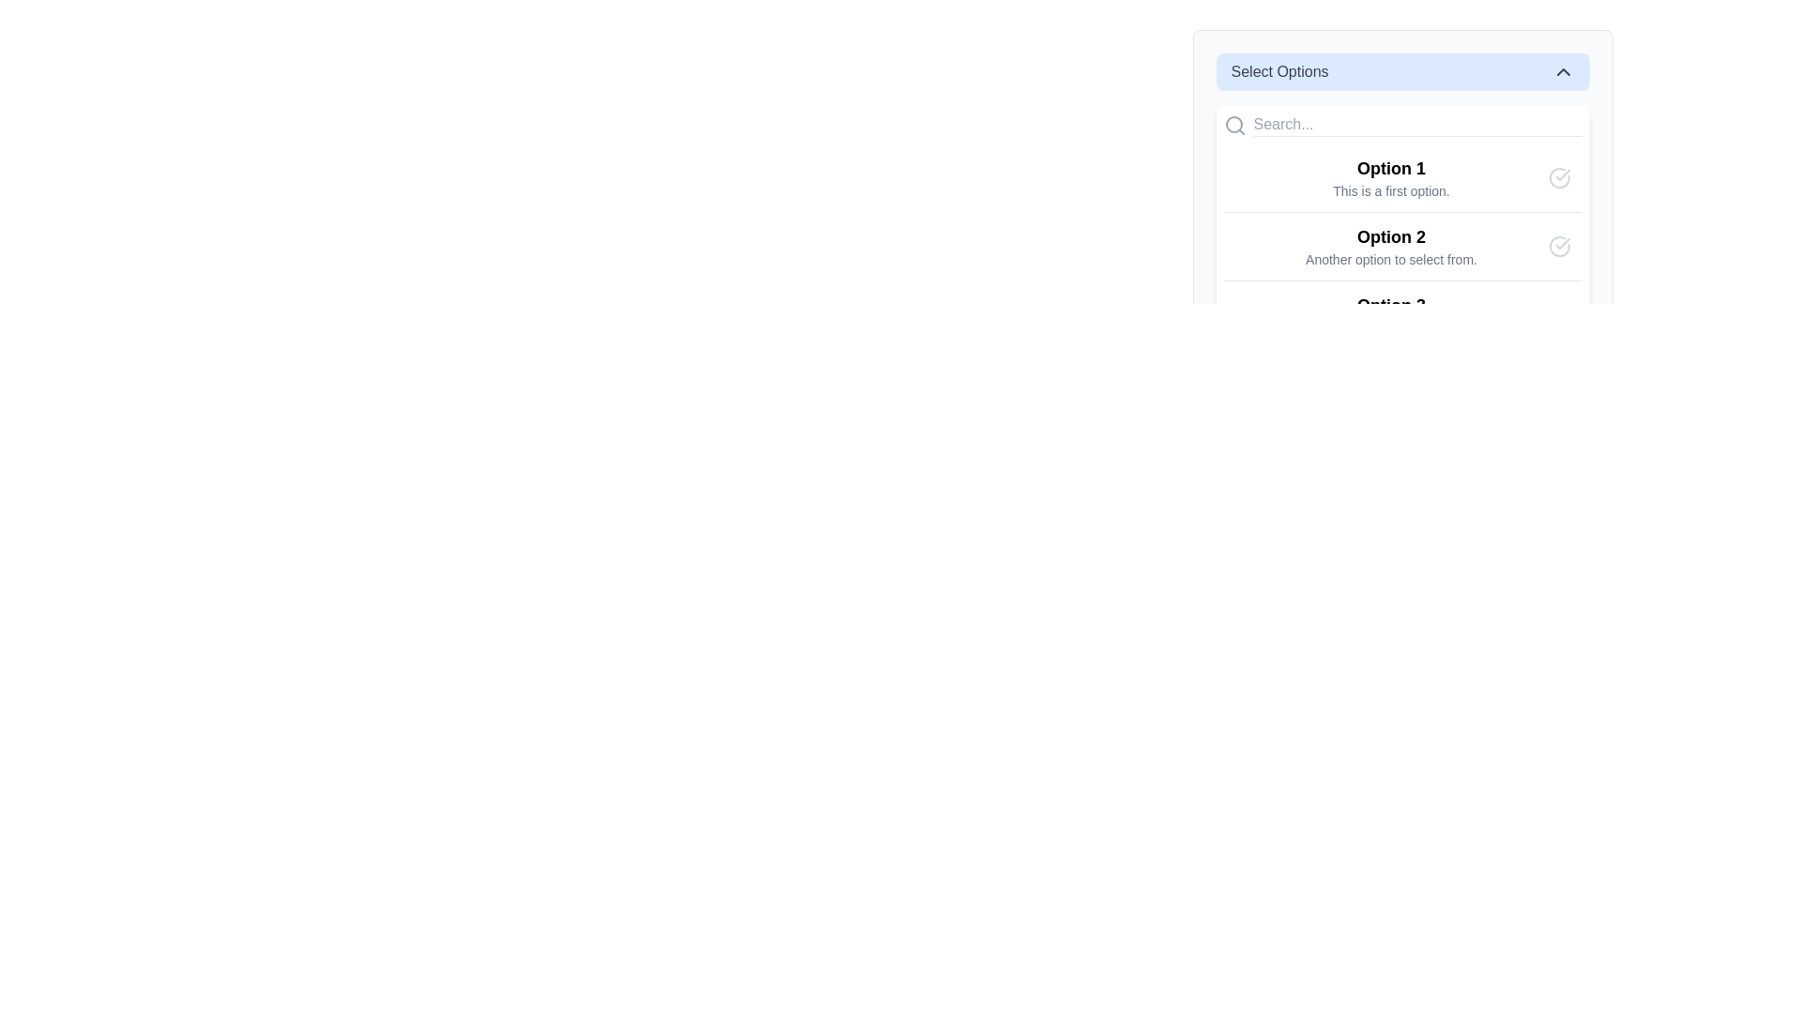 The height and width of the screenshot is (1013, 1801). Describe the element at coordinates (1391, 313) in the screenshot. I see `the third option in the dropdown-like menu under 'Select Options'` at that location.